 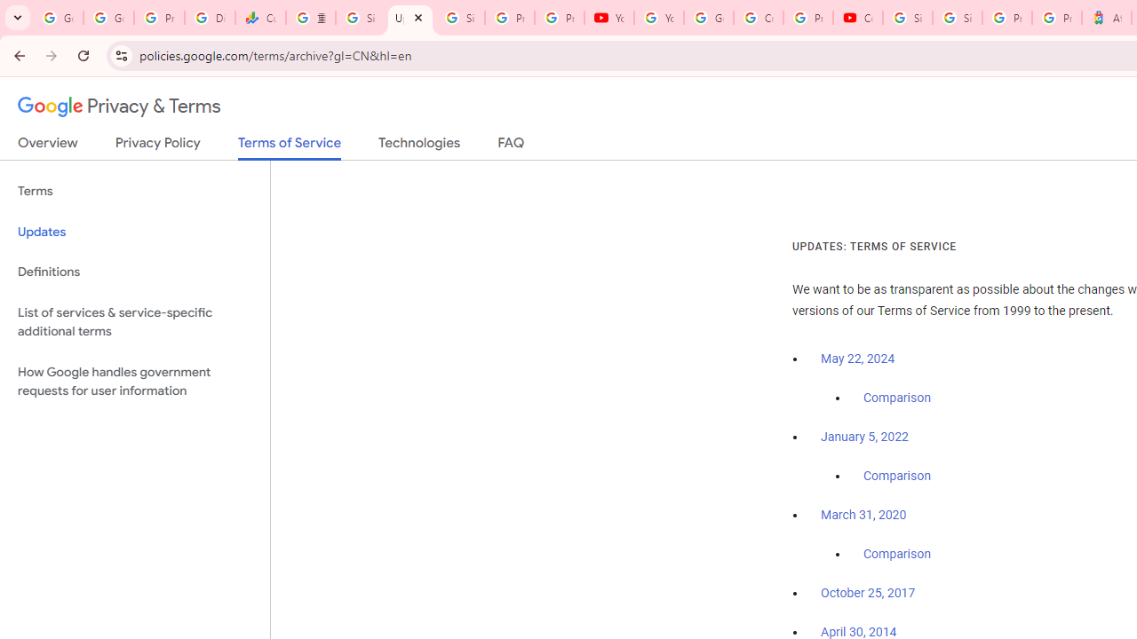 I want to click on 'May 22, 2024', so click(x=858, y=359).